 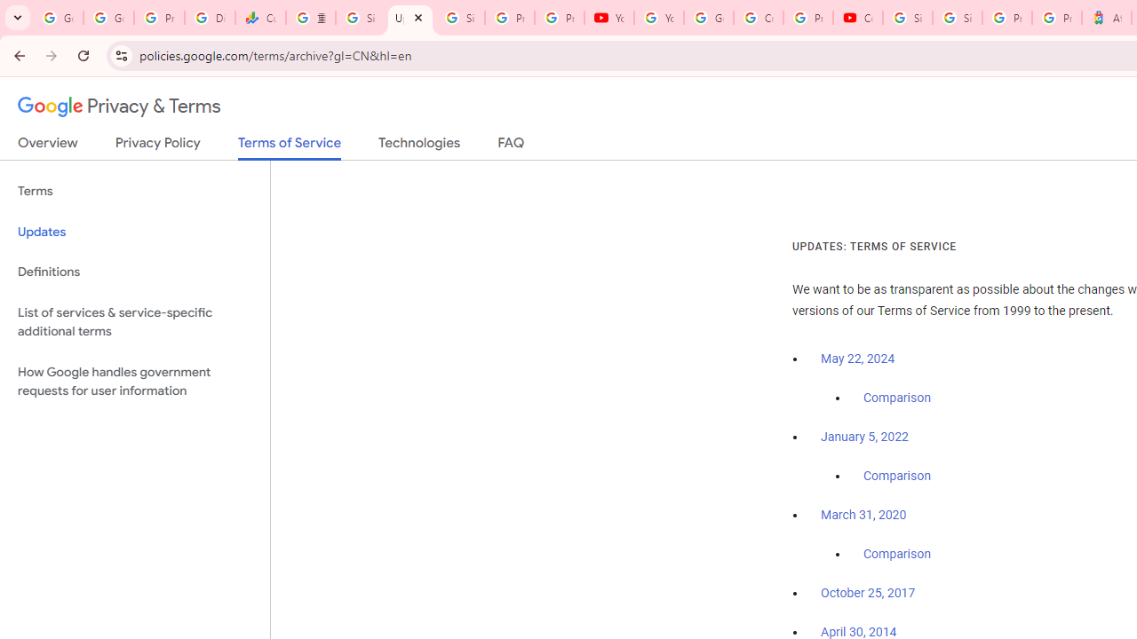 I want to click on 'May 22, 2024', so click(x=858, y=359).